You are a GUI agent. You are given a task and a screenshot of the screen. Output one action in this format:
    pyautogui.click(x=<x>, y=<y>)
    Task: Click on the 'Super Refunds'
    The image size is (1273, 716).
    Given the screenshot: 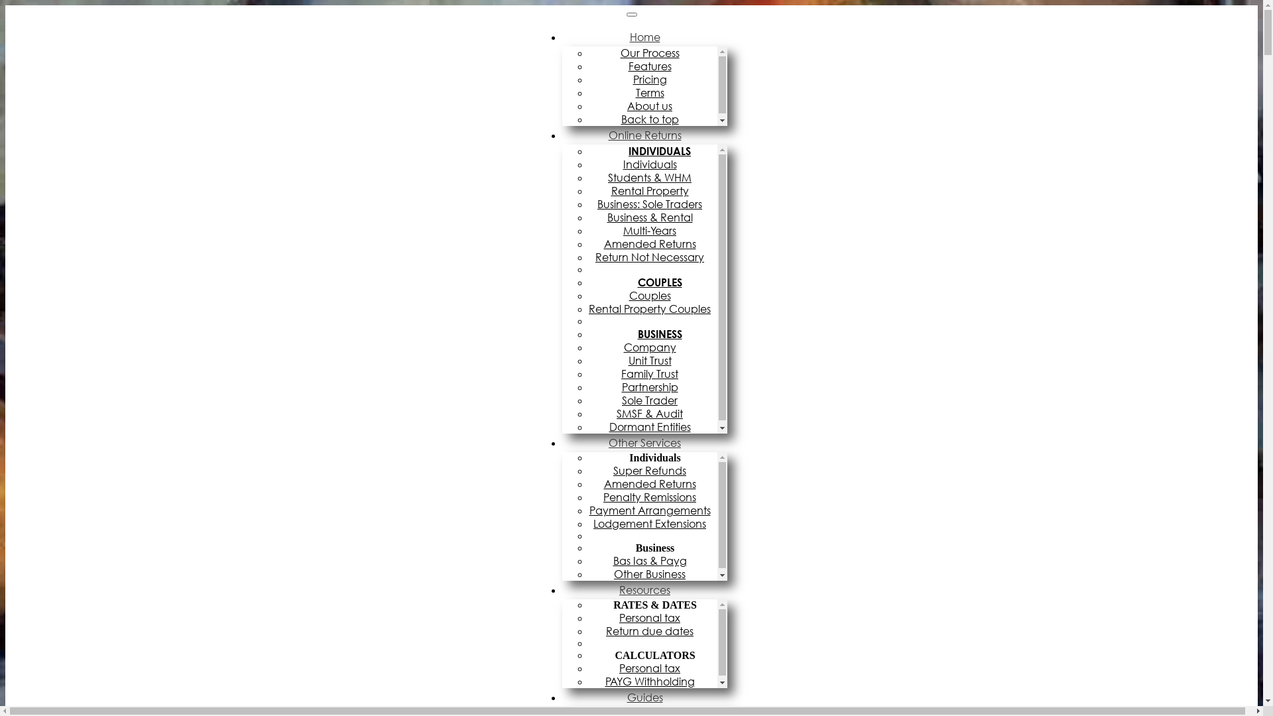 What is the action you would take?
    pyautogui.click(x=613, y=469)
    